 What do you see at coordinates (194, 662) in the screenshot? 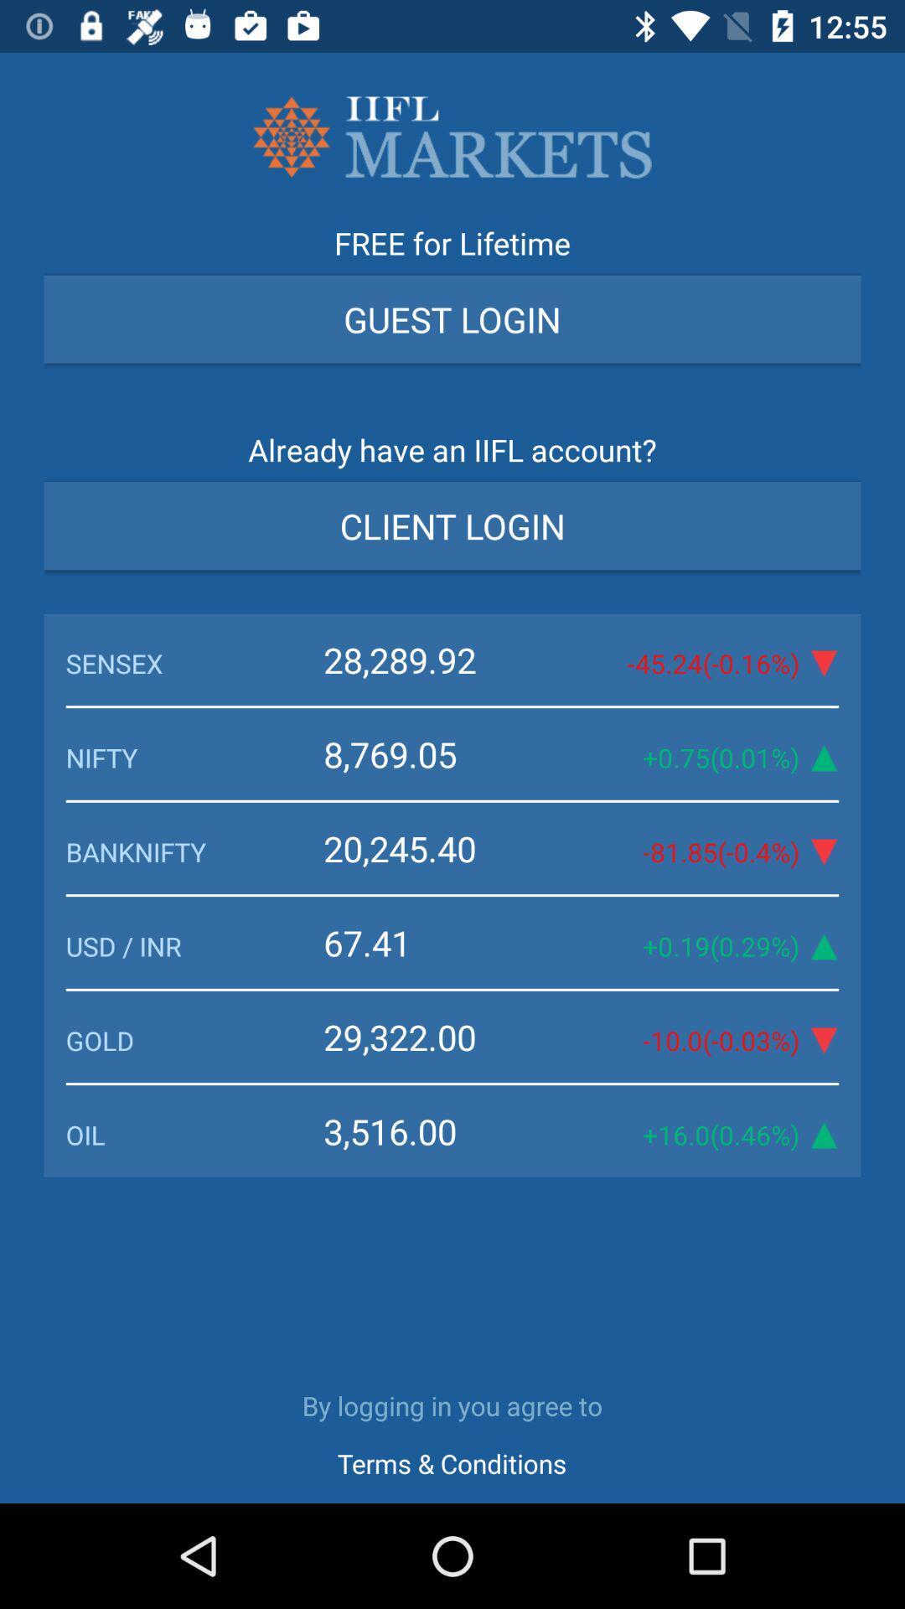
I see `sensex icon` at bounding box center [194, 662].